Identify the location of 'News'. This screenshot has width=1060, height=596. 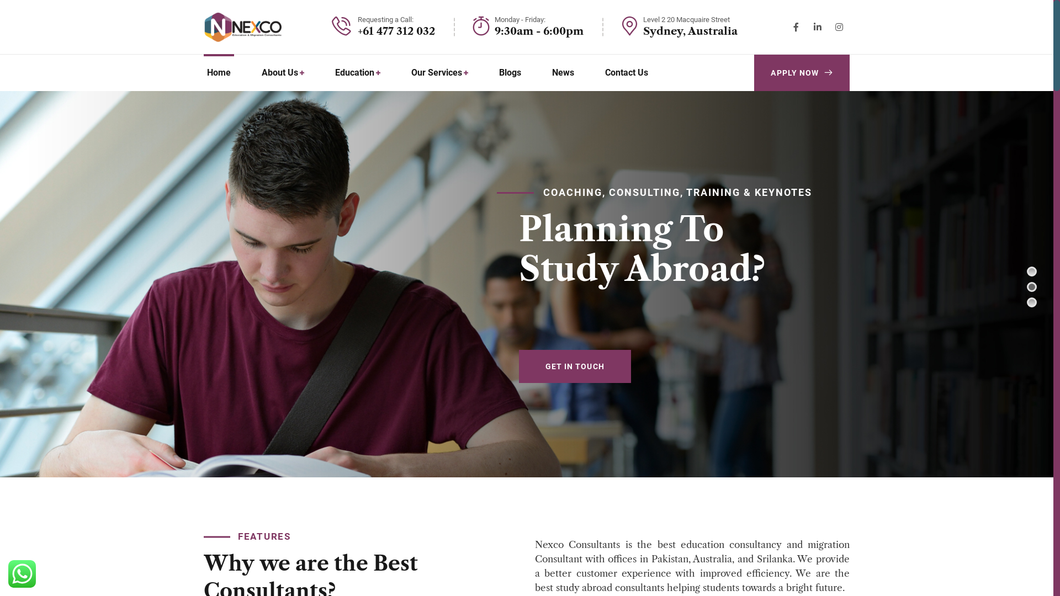
(563, 72).